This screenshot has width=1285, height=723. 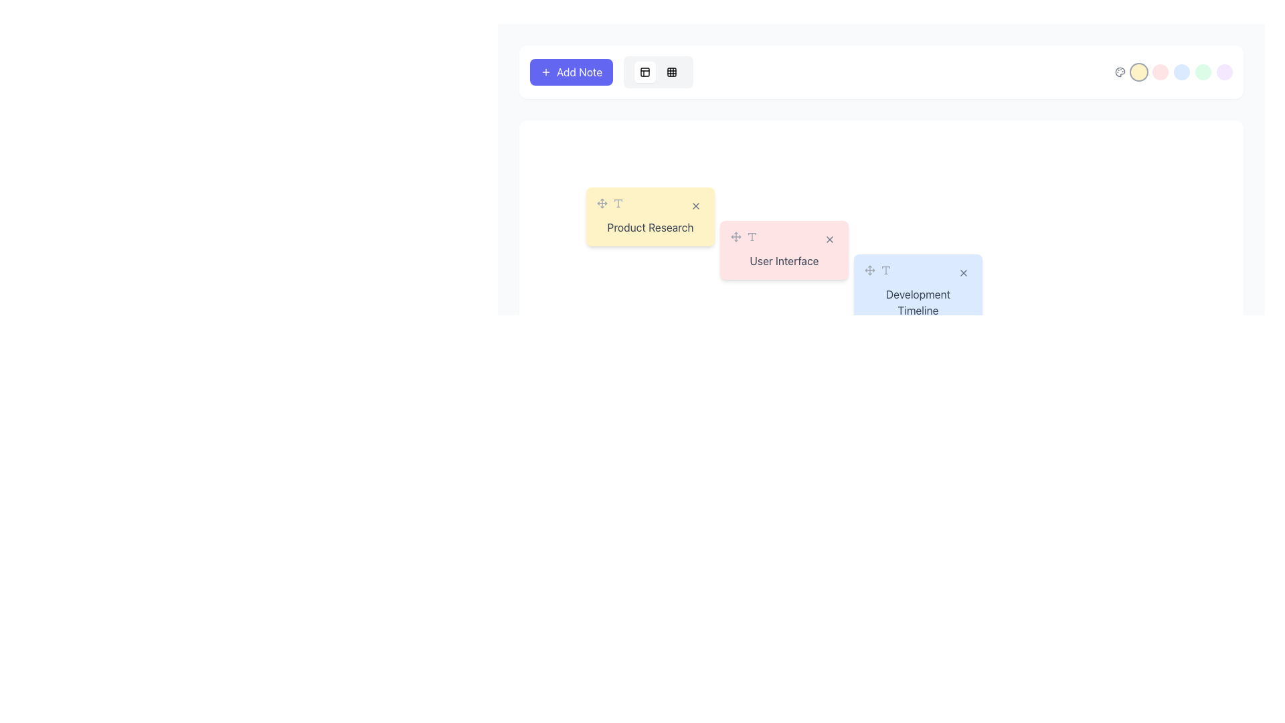 What do you see at coordinates (580, 72) in the screenshot?
I see `label text of the 'Add Note' button, which is positioned within a purple button and aligned to the right of the '+' icon` at bounding box center [580, 72].